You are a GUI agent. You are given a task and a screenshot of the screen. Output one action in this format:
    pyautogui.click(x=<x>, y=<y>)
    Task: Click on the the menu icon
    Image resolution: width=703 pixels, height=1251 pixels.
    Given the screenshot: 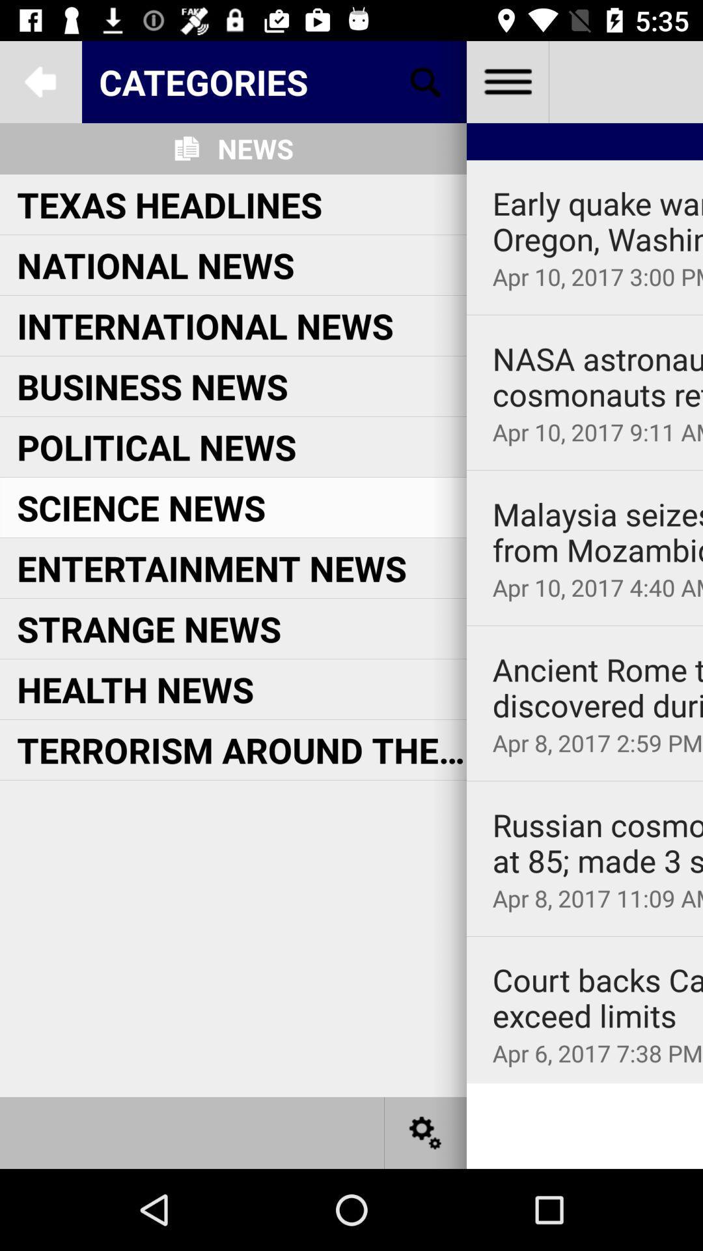 What is the action you would take?
    pyautogui.click(x=506, y=81)
    